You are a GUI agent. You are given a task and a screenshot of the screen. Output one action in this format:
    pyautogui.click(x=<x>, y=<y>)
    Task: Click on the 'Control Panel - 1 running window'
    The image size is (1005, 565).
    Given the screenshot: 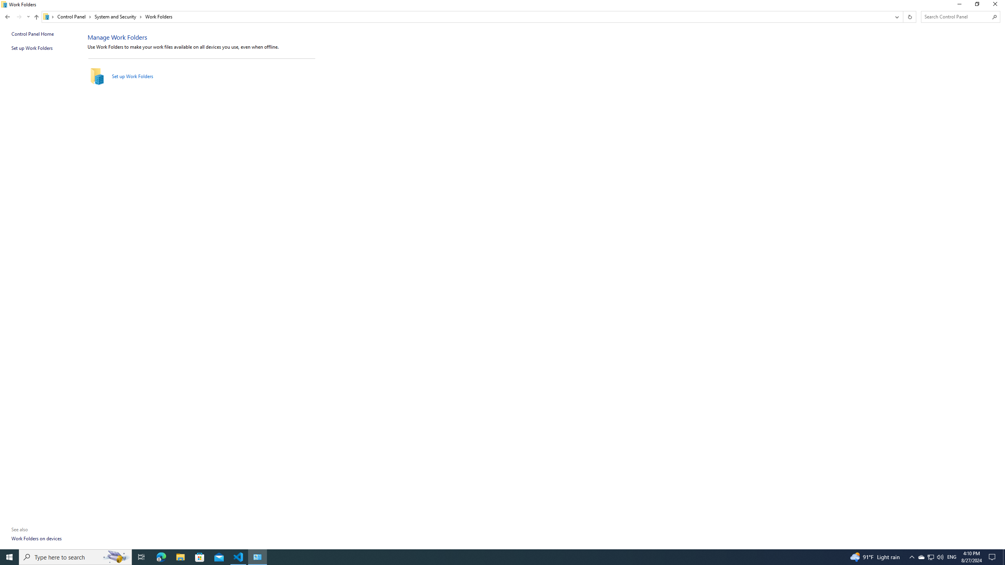 What is the action you would take?
    pyautogui.click(x=258, y=556)
    